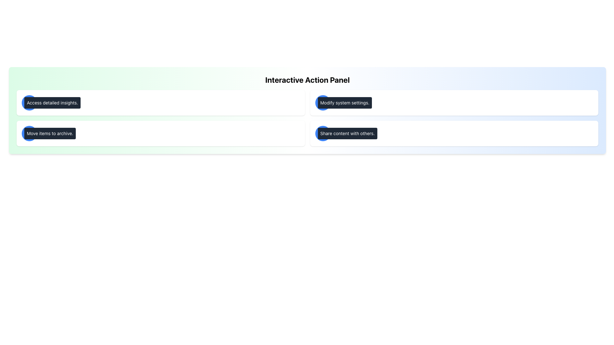 Image resolution: width=614 pixels, height=345 pixels. What do you see at coordinates (52, 133) in the screenshot?
I see `the text label displaying 'Archive' in bold gray font, located to the right of a circular blue icon within the second rectangular card in the vertical list` at bounding box center [52, 133].